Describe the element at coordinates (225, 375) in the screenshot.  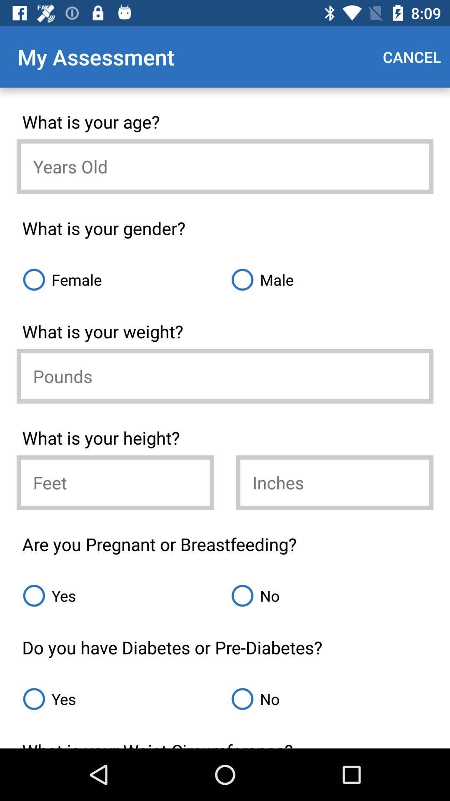
I see `insert your weight` at that location.